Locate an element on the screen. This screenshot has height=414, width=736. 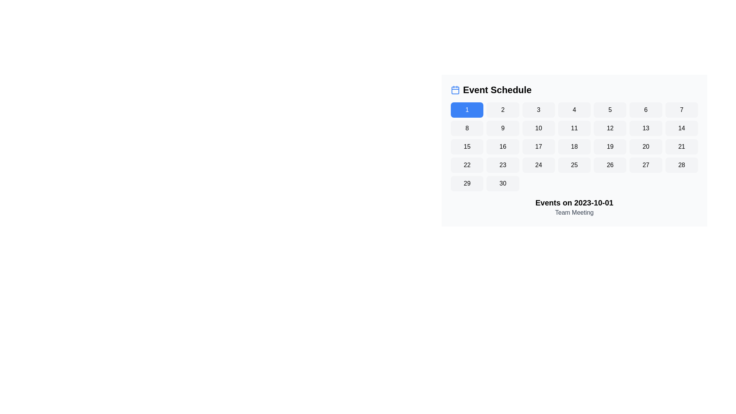
the button displaying the numeral '7' in a grid layout for additional information is located at coordinates (682, 110).